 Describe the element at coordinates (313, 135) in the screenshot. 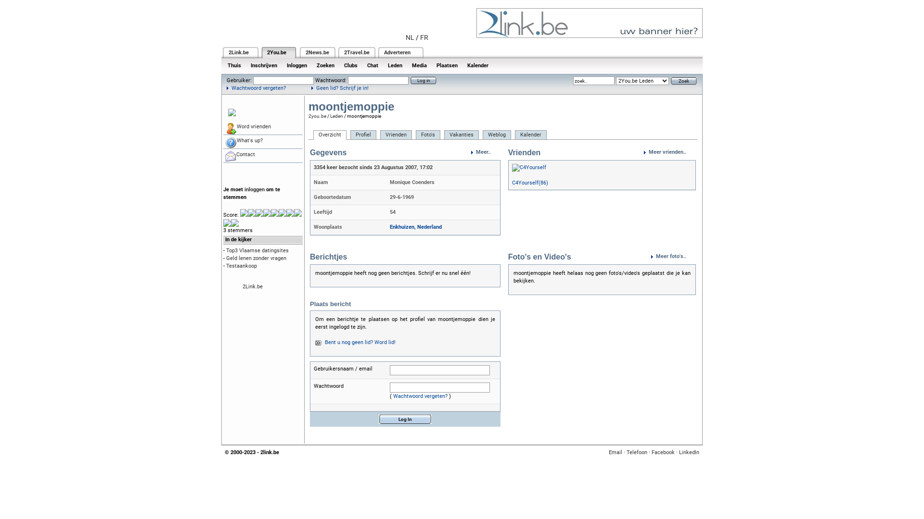

I see `'Overzicht'` at that location.